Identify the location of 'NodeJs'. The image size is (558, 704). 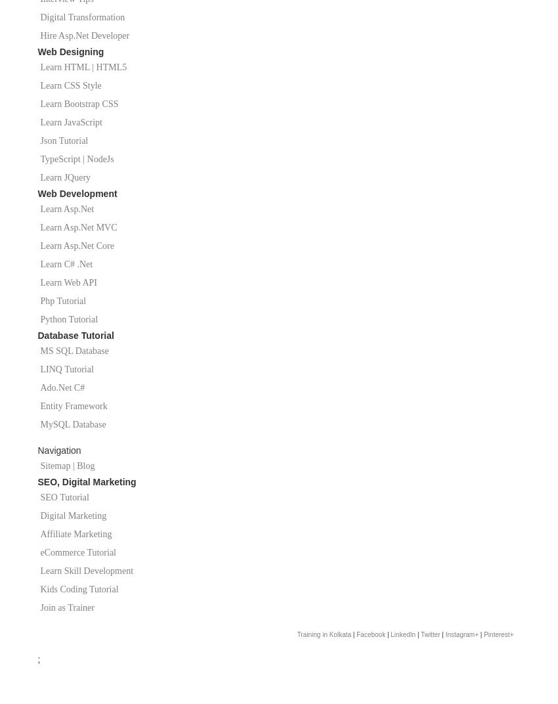
(100, 159).